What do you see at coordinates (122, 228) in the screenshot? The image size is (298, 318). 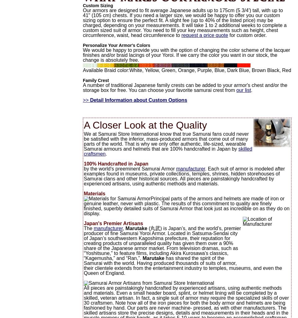 I see `','` at bounding box center [122, 228].